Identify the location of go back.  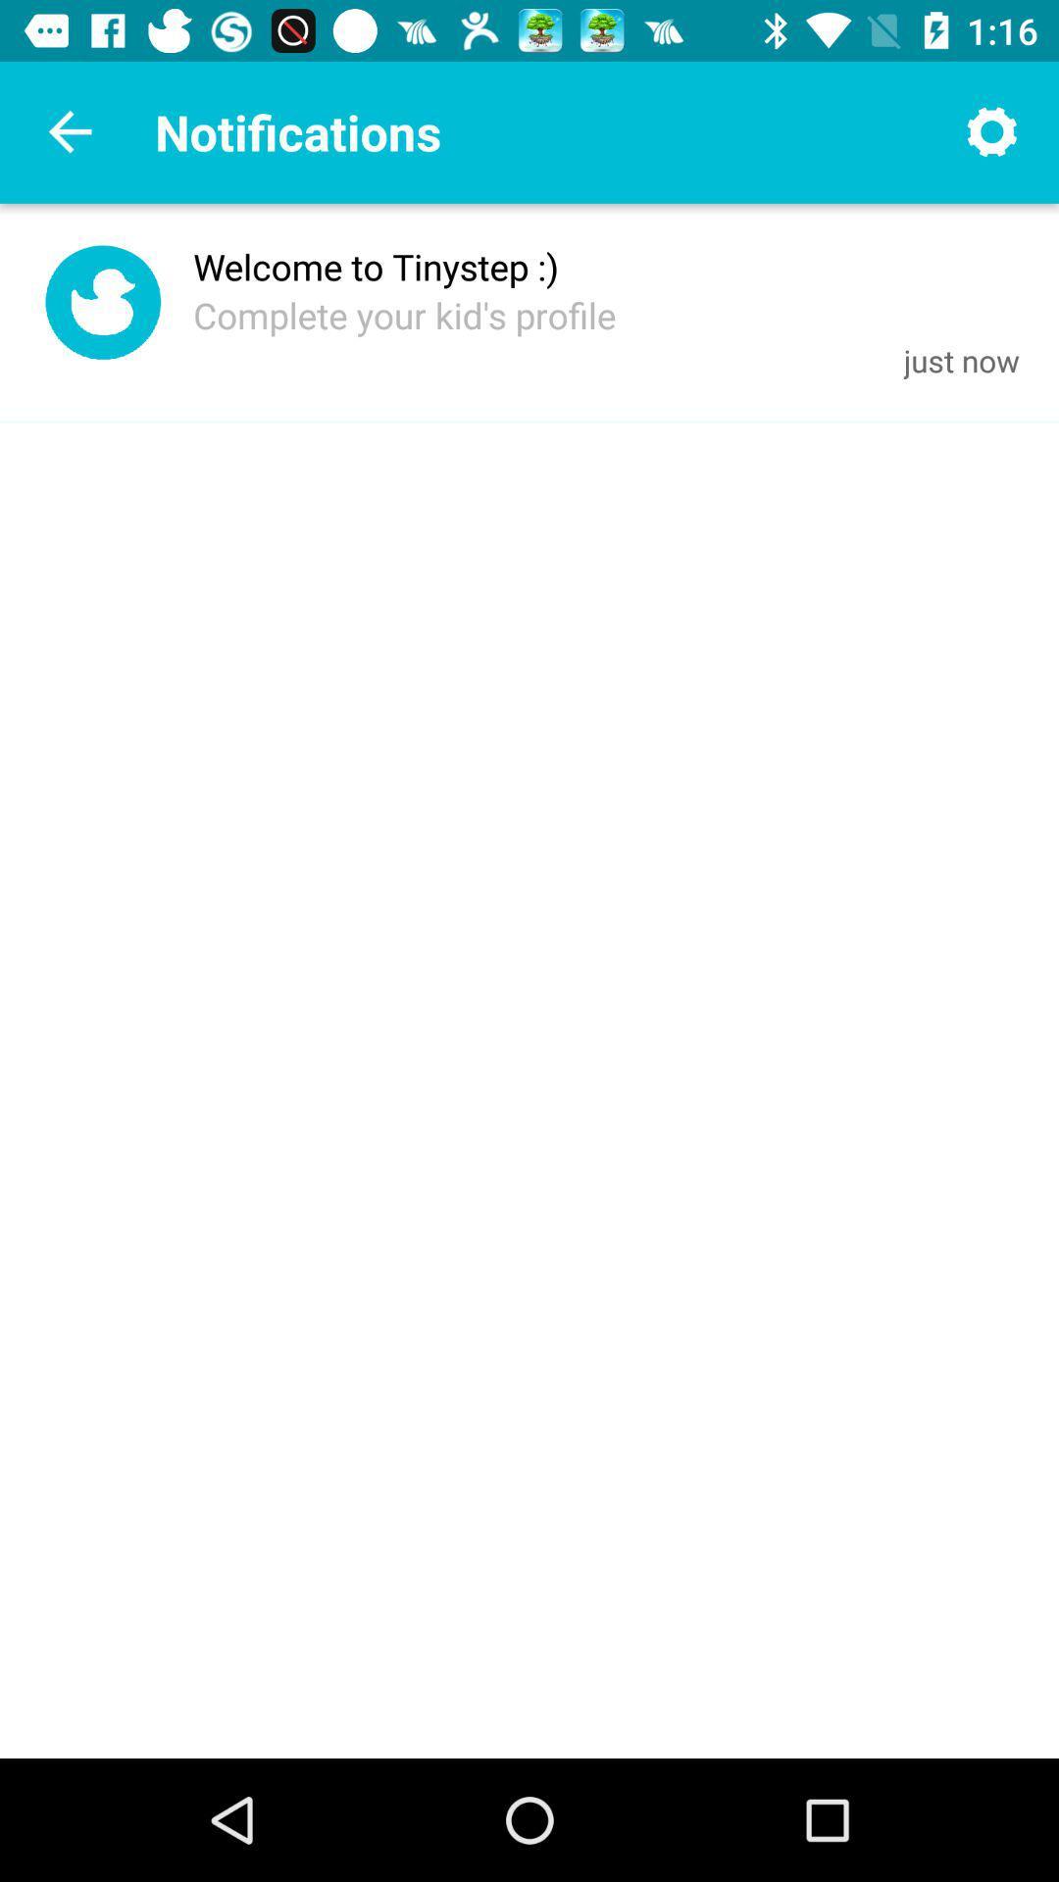
(70, 131).